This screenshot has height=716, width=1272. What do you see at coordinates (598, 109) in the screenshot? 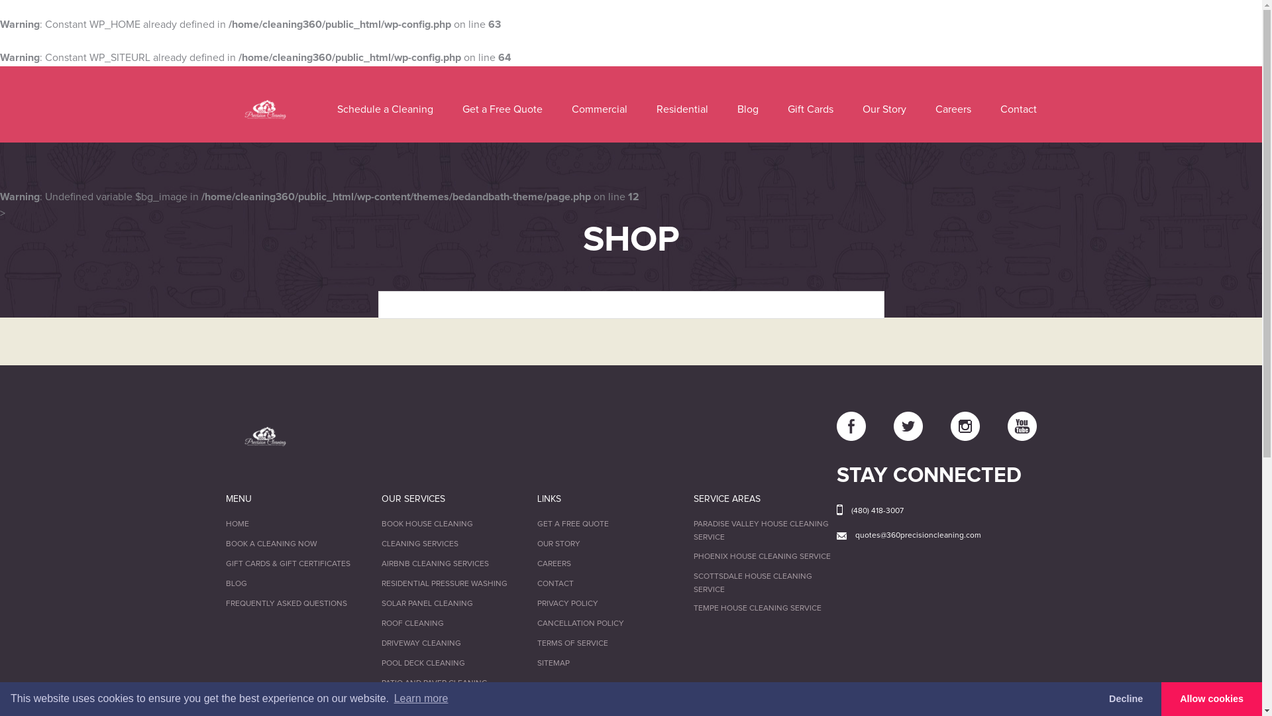
I see `'Commercial'` at bounding box center [598, 109].